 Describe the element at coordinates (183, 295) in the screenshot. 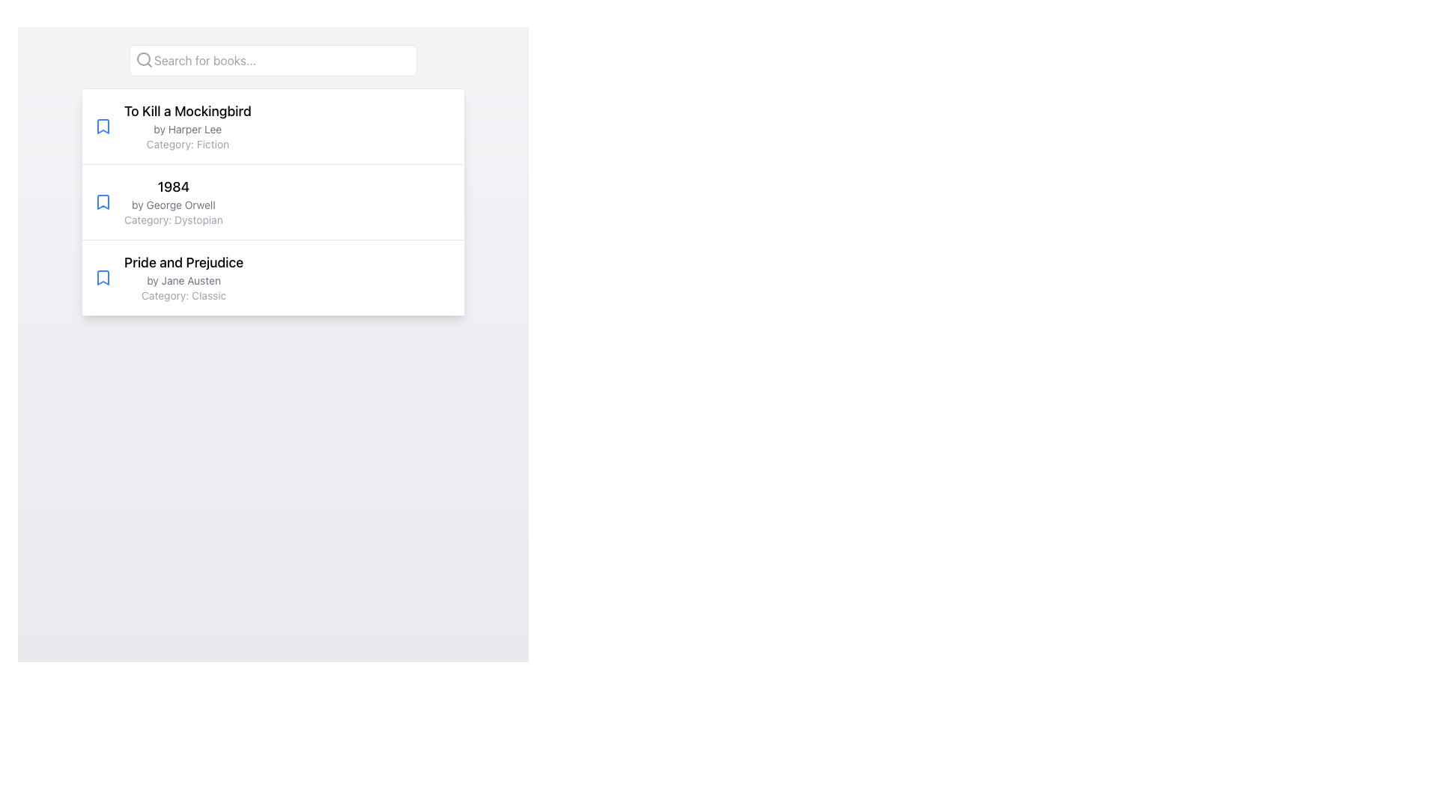

I see `the static label indicating the genre or classification of 'Pride and Prejudice', positioned below 'by Jane Austen'` at that location.